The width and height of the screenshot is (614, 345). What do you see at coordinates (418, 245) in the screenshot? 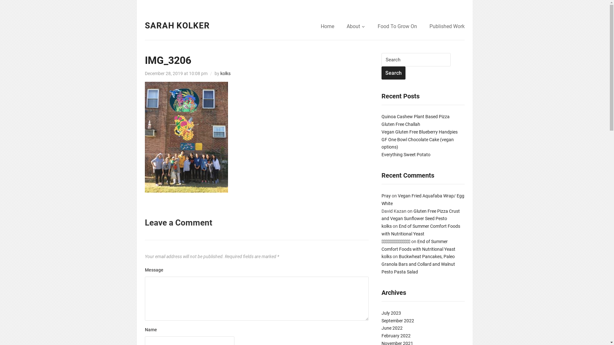
I see `'End of Summer Comfort Foods with Nutritional Yeast'` at bounding box center [418, 245].